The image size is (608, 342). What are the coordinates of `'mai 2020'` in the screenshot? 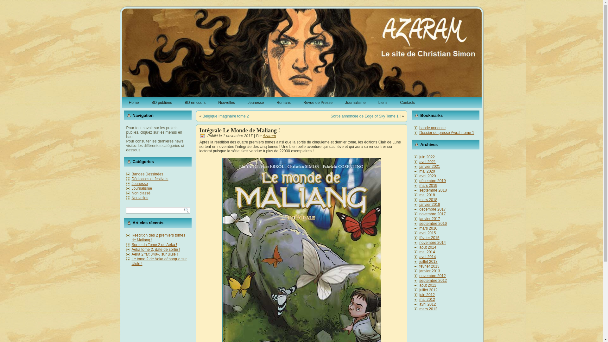 It's located at (427, 171).